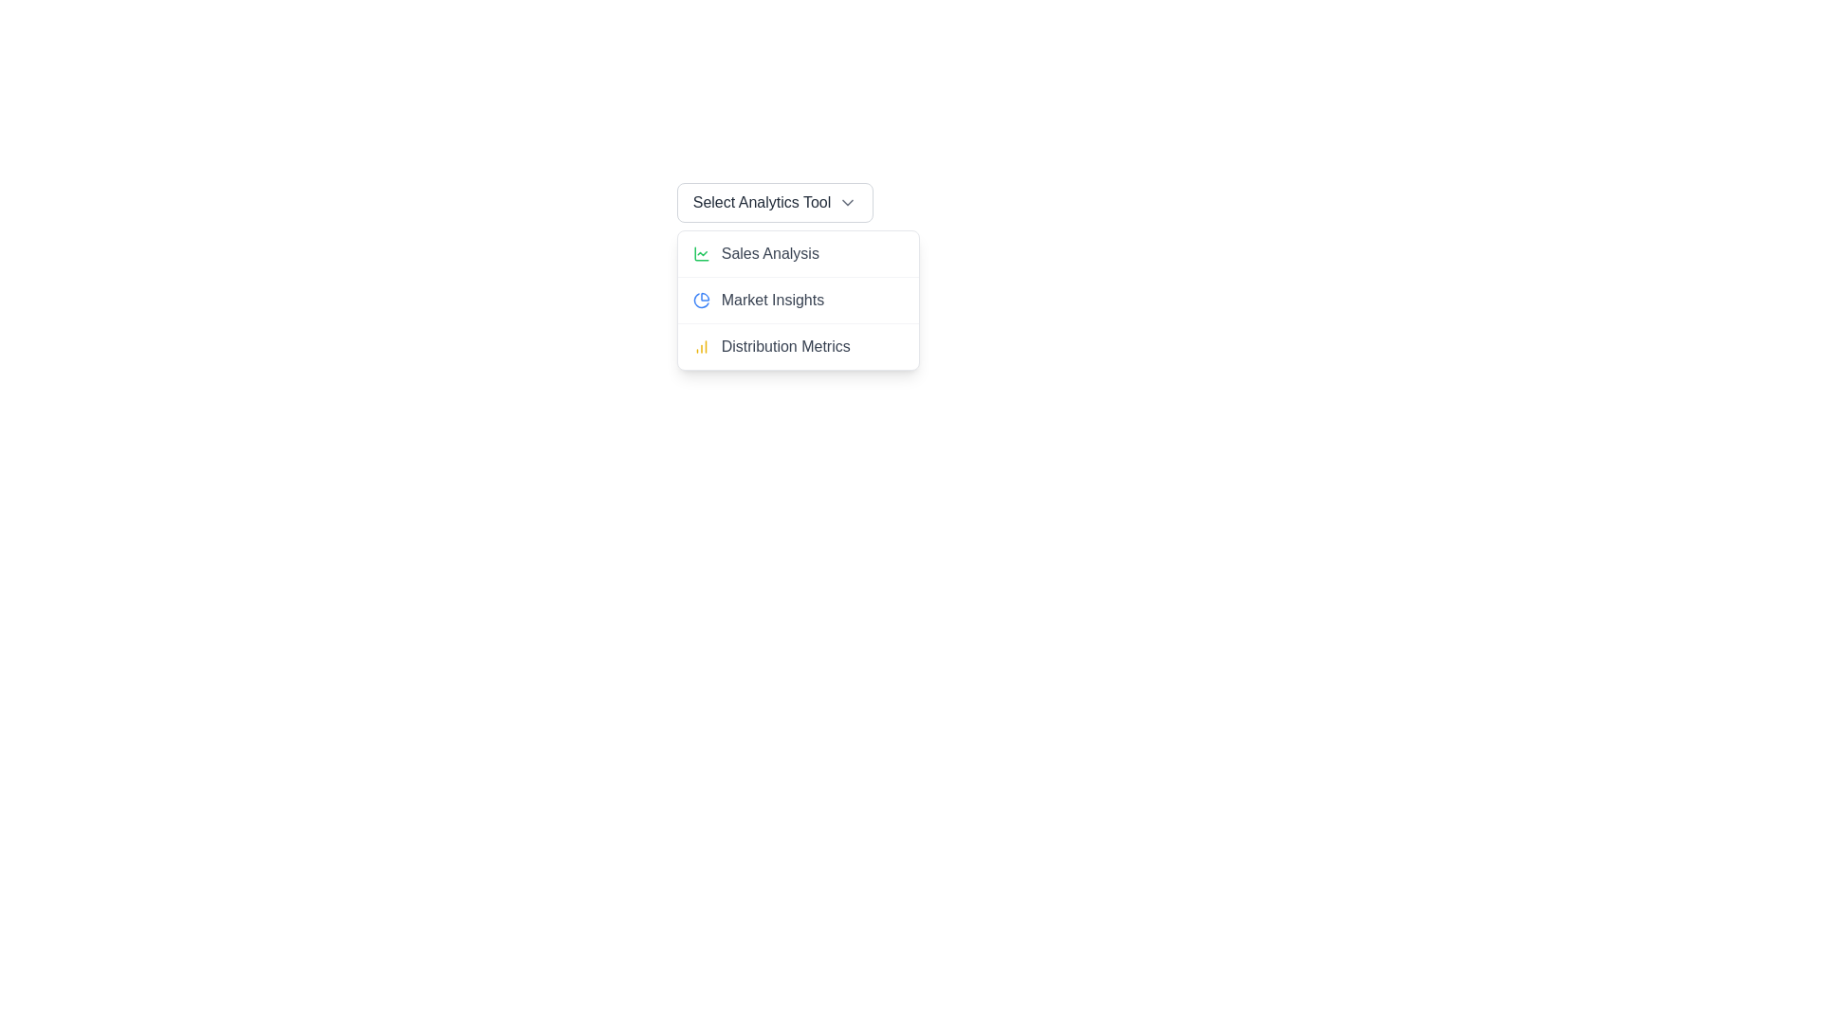 The height and width of the screenshot is (1024, 1821). Describe the element at coordinates (798, 299) in the screenshot. I see `the 'Market Insights' option from the dropdown menu, which is the second option listed and is visually distinguished by its blue icon and descriptive text` at that location.